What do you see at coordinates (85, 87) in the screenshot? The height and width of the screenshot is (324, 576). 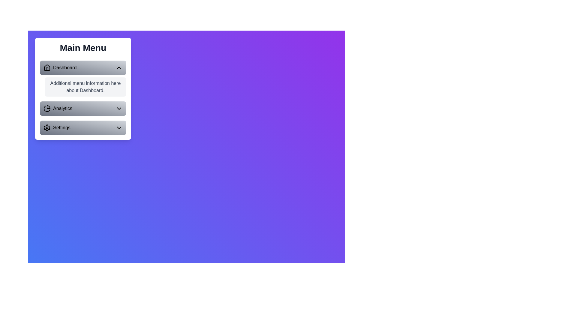 I see `informational text located in the dropdown section below the 'Dashboard' label and above 'Analytics' and 'Settings'` at bounding box center [85, 87].